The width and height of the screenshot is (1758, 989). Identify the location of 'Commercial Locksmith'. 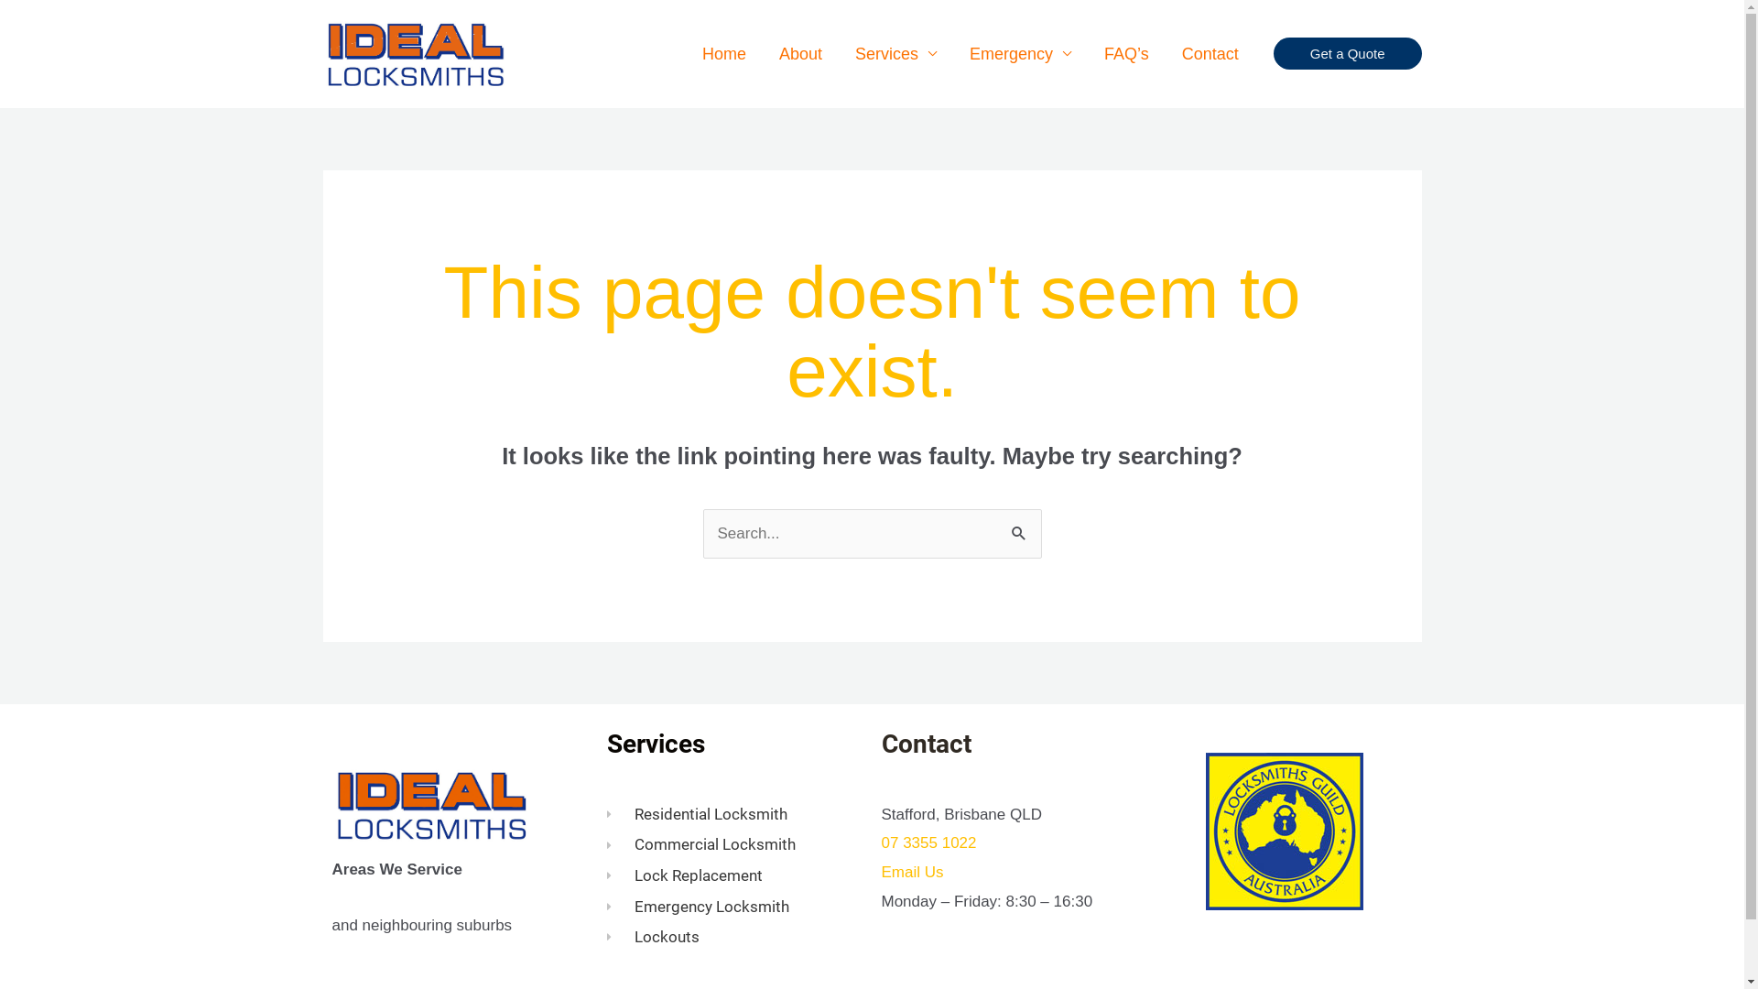
(733, 844).